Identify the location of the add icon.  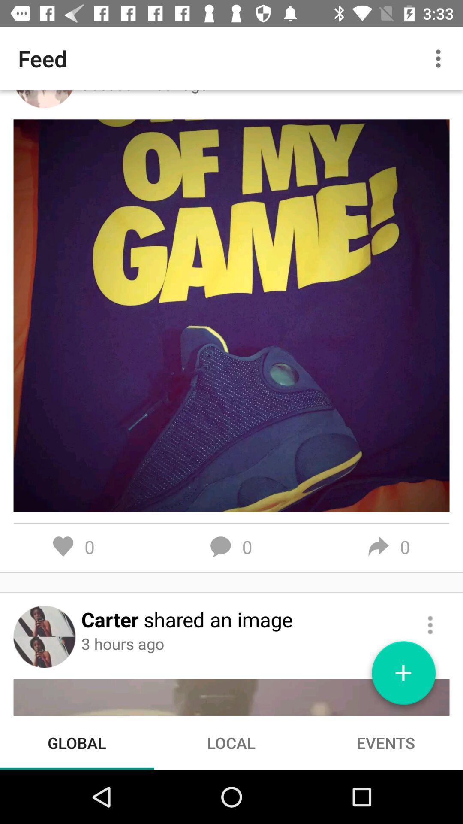
(403, 676).